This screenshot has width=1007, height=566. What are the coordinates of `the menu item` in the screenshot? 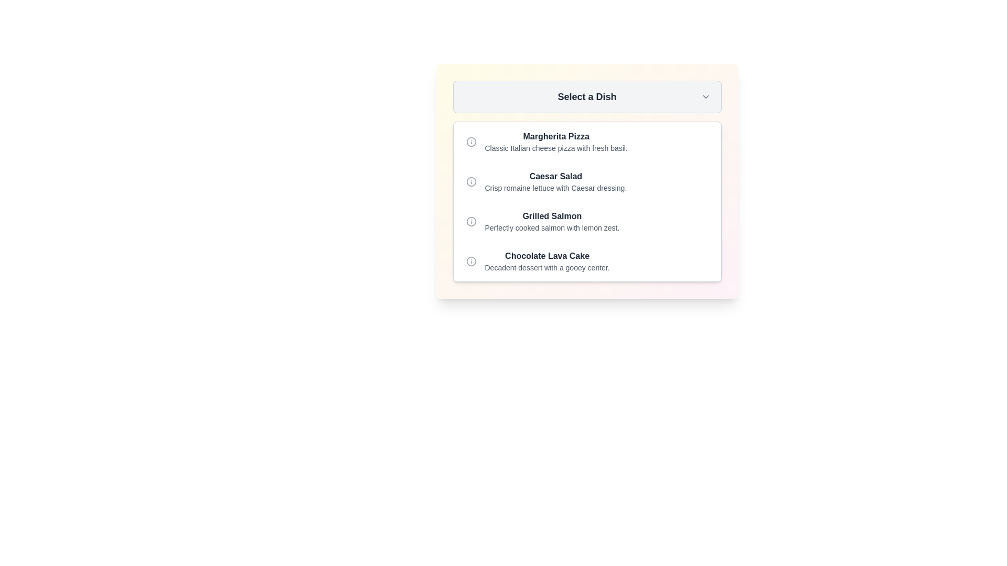 It's located at (555, 136).